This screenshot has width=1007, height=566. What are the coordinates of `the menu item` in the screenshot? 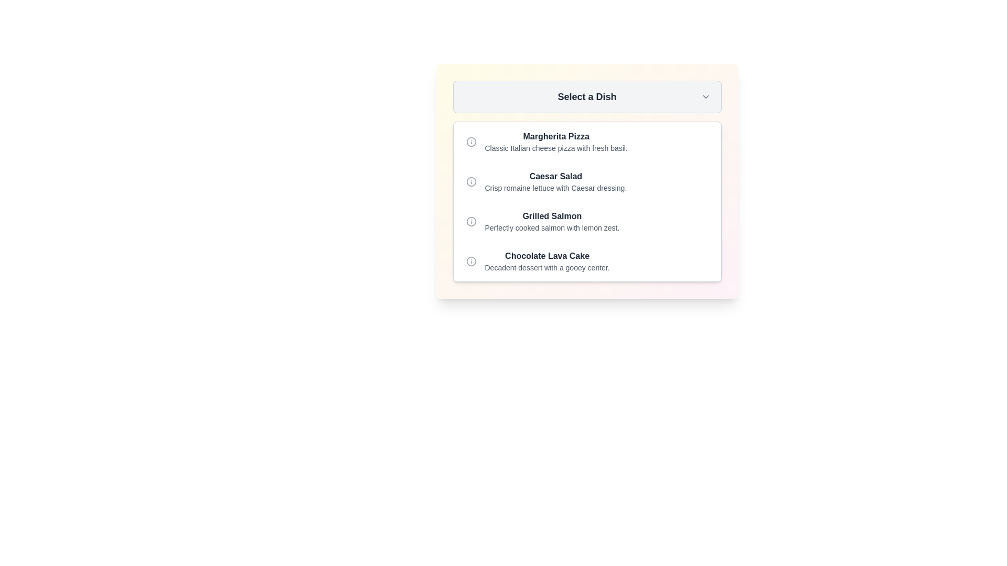 It's located at (555, 136).